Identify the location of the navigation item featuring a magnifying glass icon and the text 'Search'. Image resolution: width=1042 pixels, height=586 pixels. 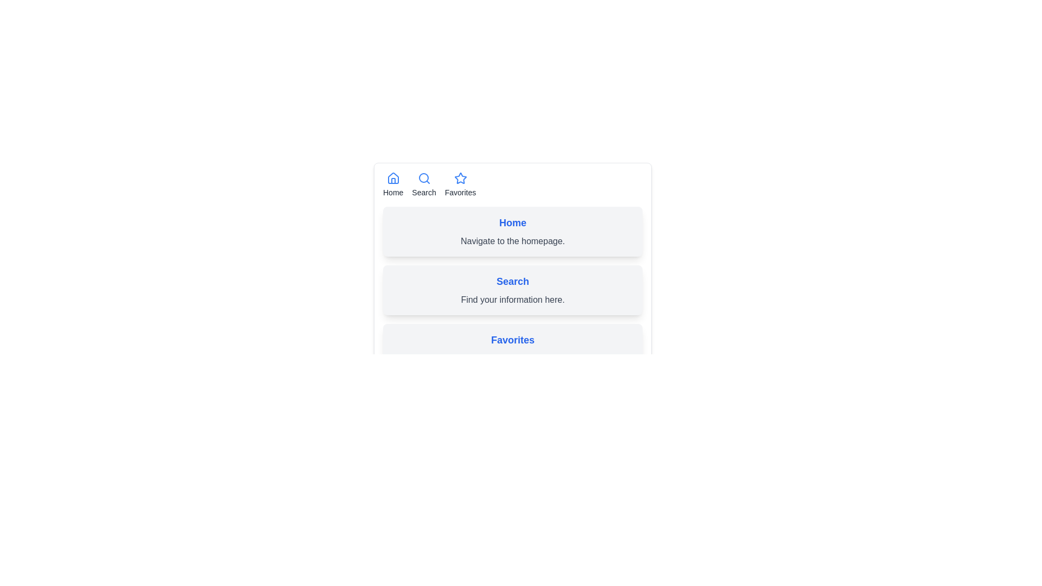
(423, 184).